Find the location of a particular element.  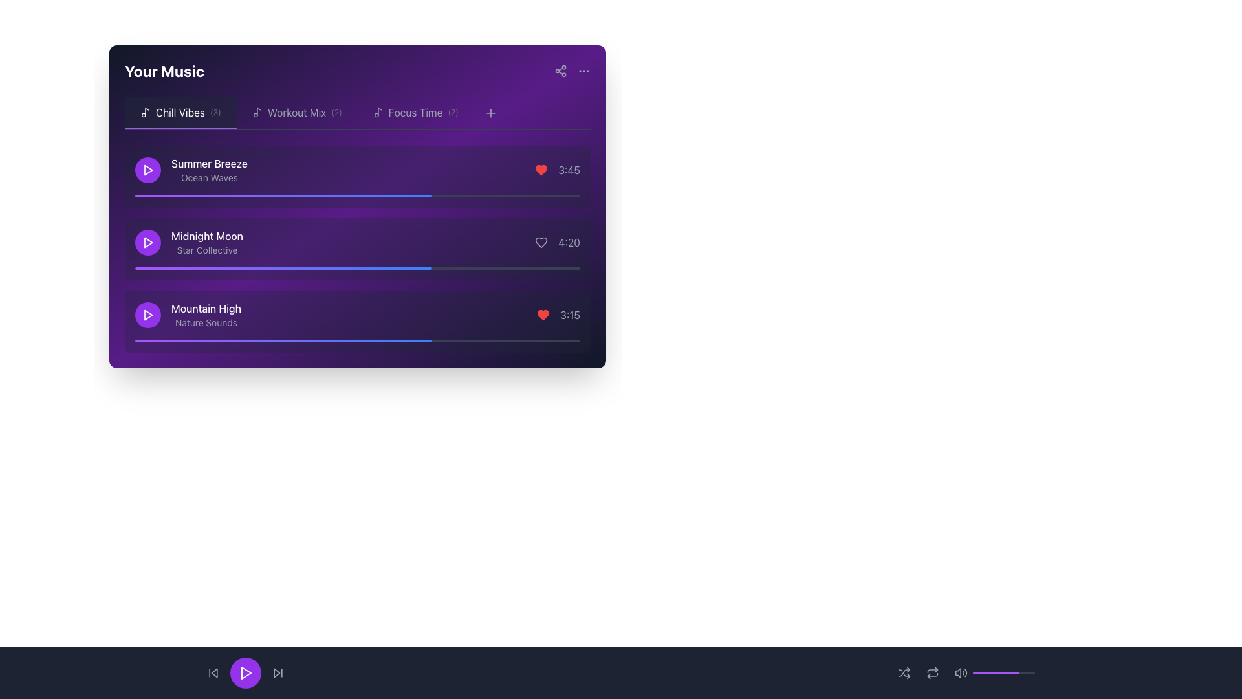

progress is located at coordinates (571, 196).